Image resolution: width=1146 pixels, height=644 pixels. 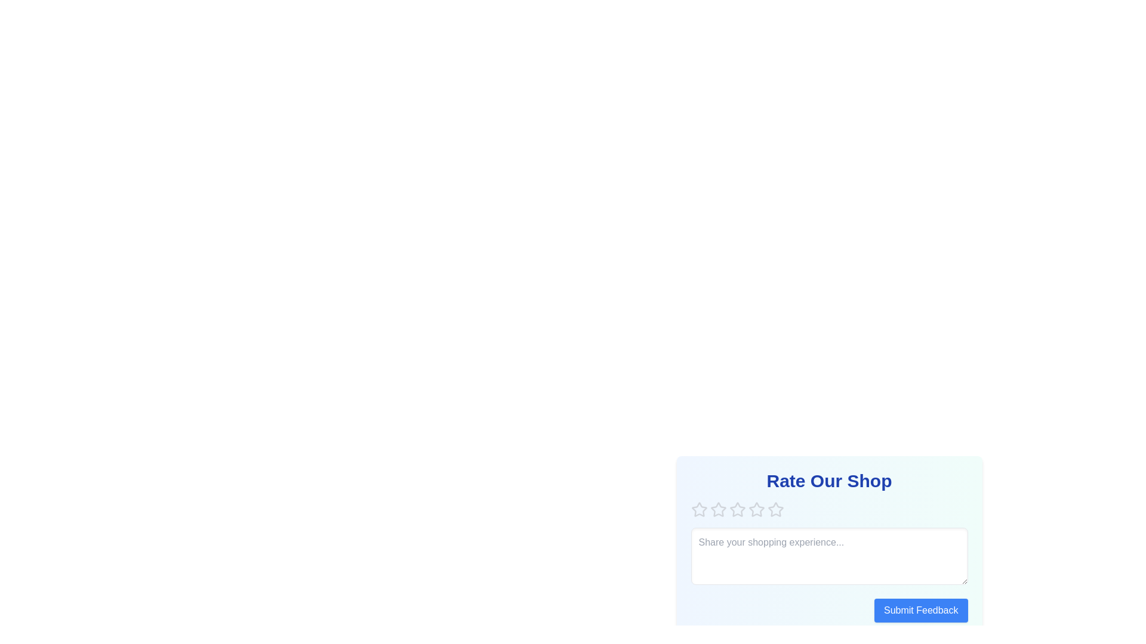 I want to click on the center of the textarea to focus it, so click(x=828, y=556).